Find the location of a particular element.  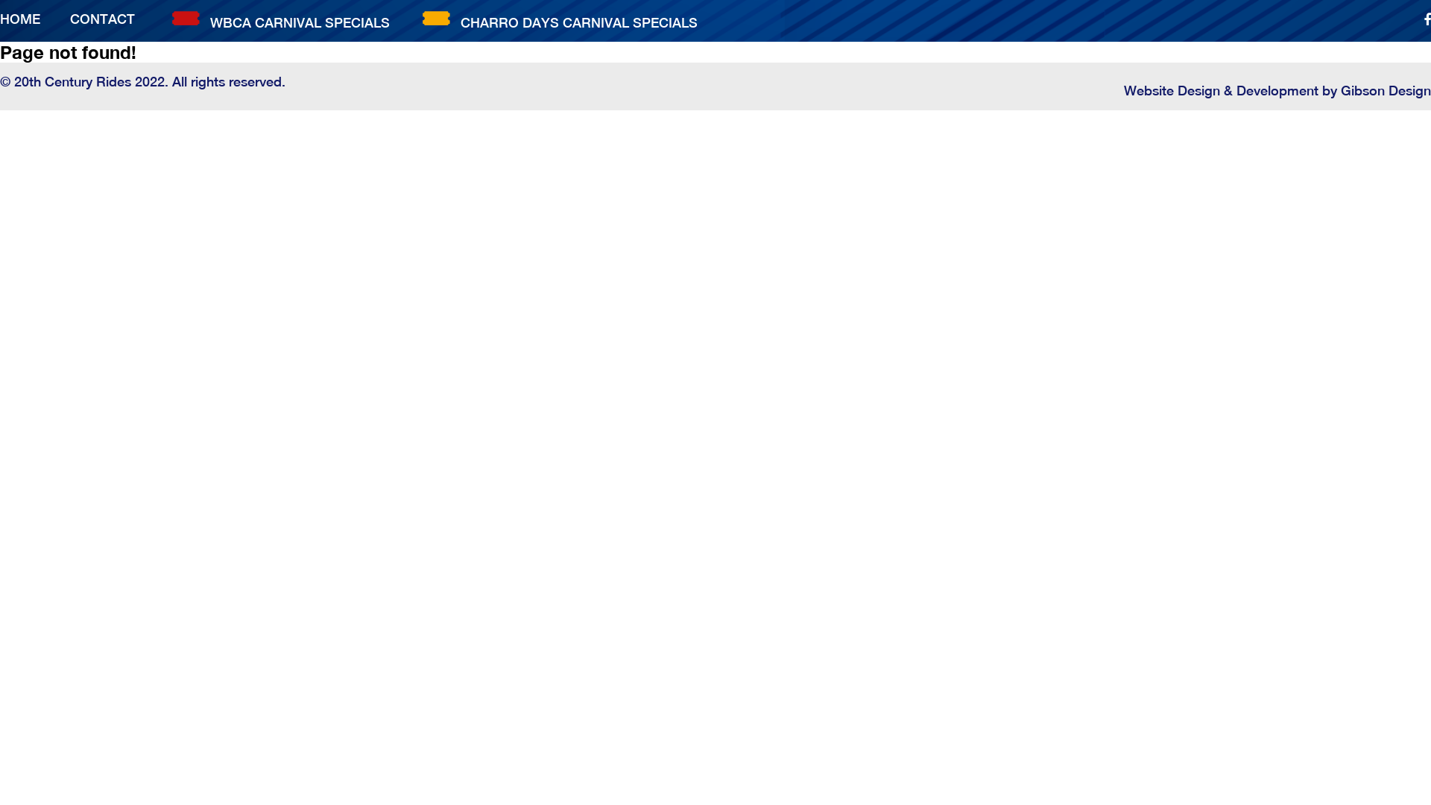

'CONTACT' is located at coordinates (101, 19).